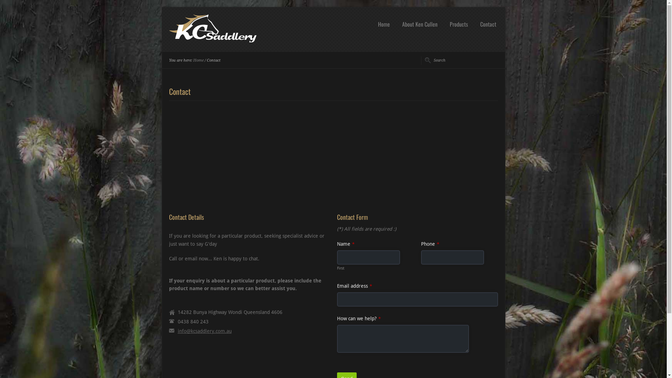 This screenshot has width=672, height=378. I want to click on 'KC Saddlery', so click(212, 40).